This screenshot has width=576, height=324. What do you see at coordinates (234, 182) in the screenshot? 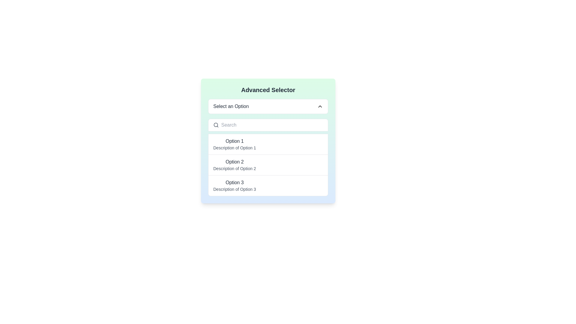
I see `the Text Label that serves as a selectable option within the dropdown menu, located above the description of 'Option 3'` at bounding box center [234, 182].